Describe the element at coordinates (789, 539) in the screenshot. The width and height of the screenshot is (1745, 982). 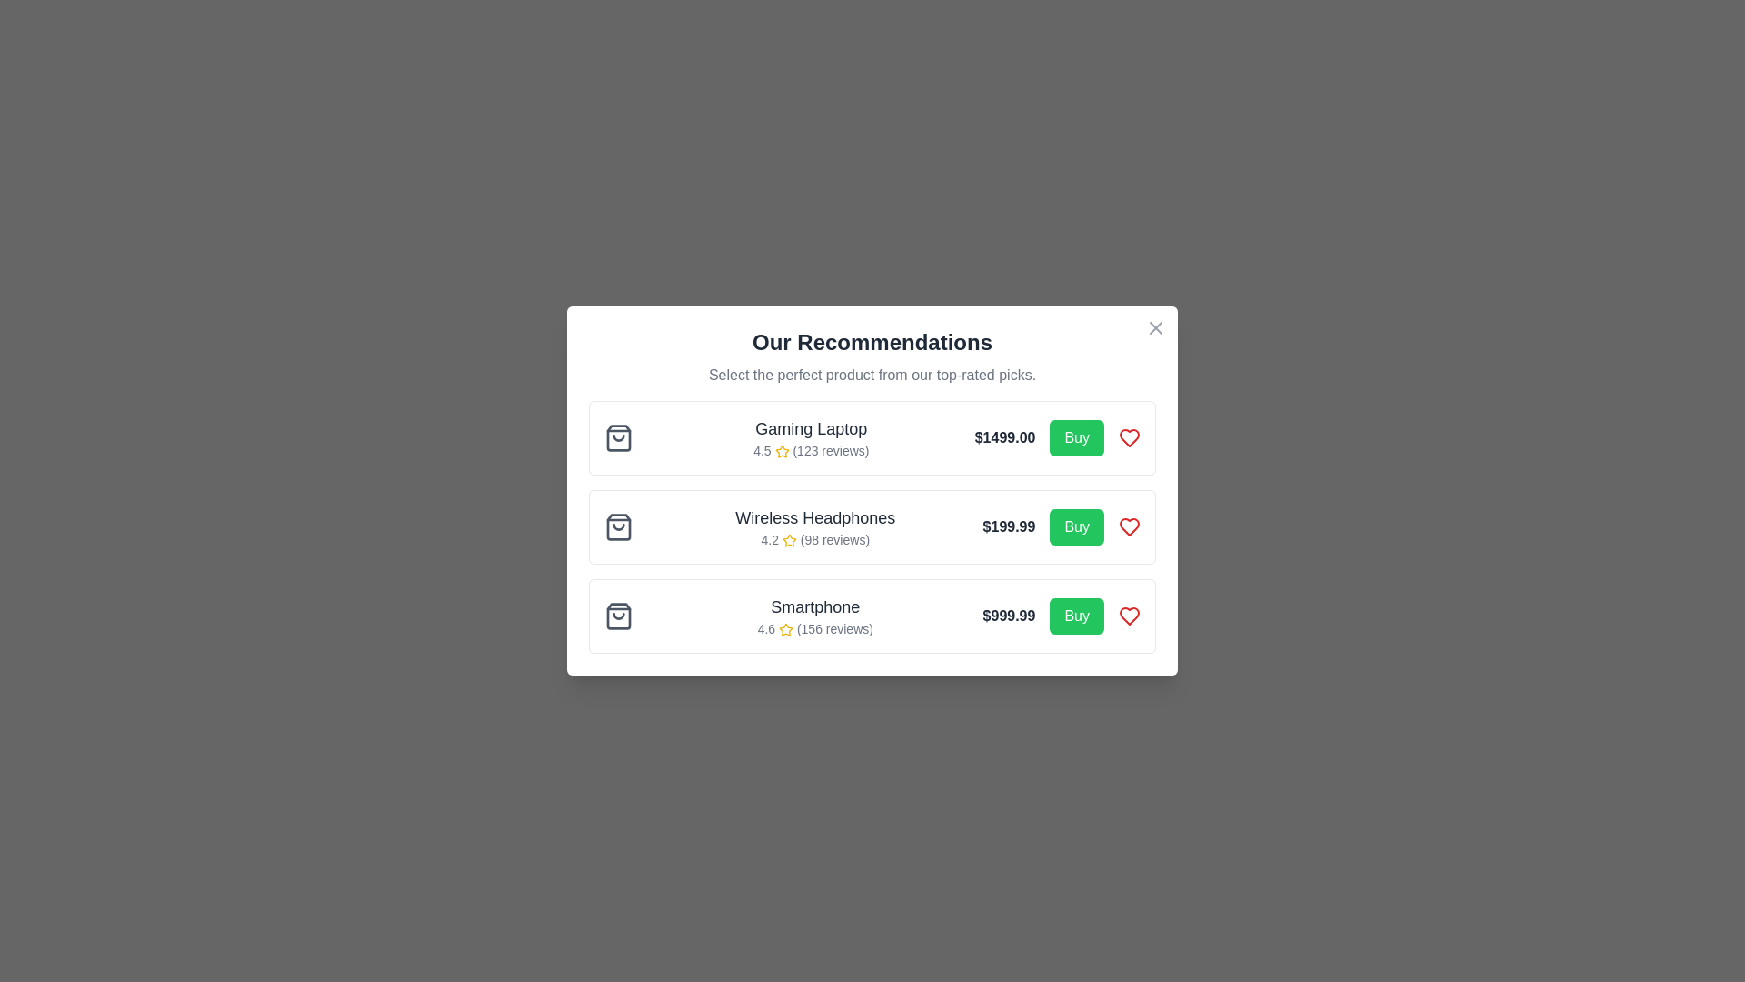
I see `the first yellow star icon representing the product's rating, located to the left of the product price in the second row of the product list` at that location.